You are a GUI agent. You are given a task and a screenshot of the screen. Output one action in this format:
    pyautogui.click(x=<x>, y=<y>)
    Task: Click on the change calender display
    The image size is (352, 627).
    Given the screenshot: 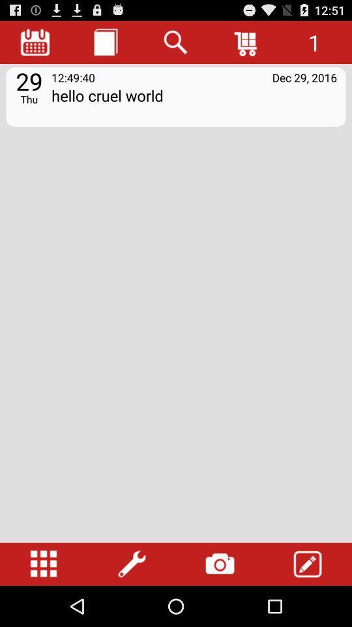 What is the action you would take?
    pyautogui.click(x=35, y=42)
    